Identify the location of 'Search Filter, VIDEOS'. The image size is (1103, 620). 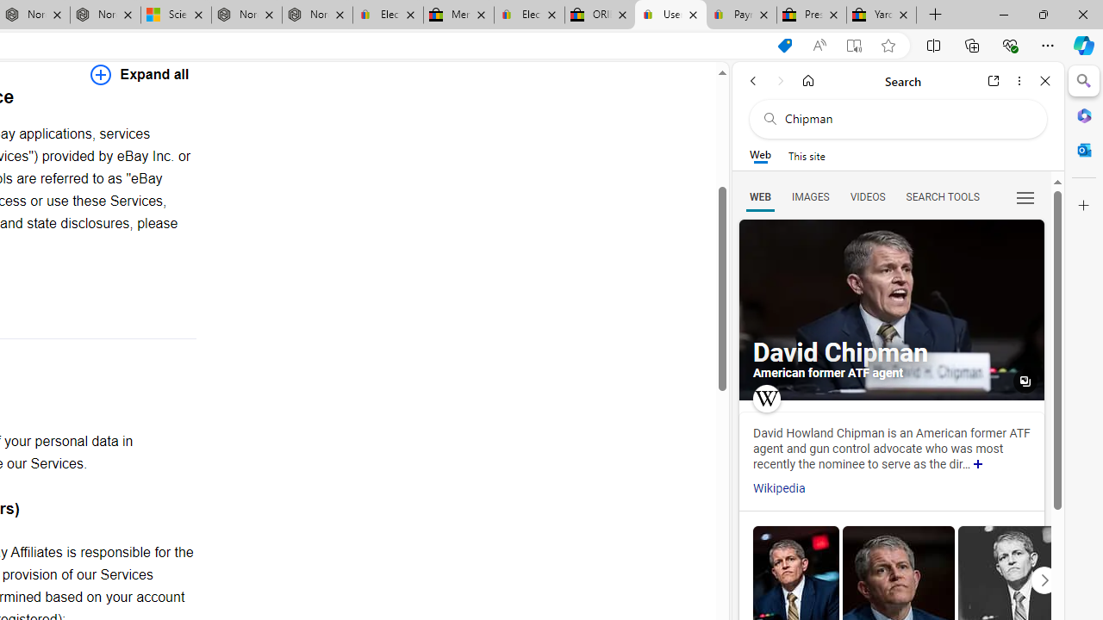
(867, 195).